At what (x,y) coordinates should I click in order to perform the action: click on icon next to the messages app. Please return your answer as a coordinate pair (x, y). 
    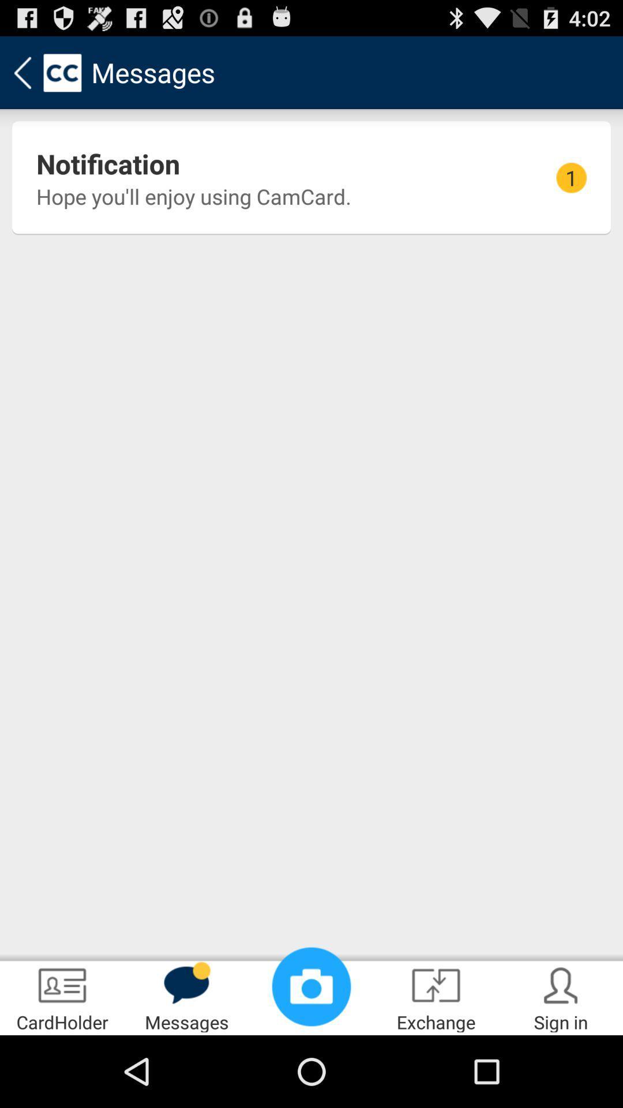
    Looking at the image, I should click on (311, 986).